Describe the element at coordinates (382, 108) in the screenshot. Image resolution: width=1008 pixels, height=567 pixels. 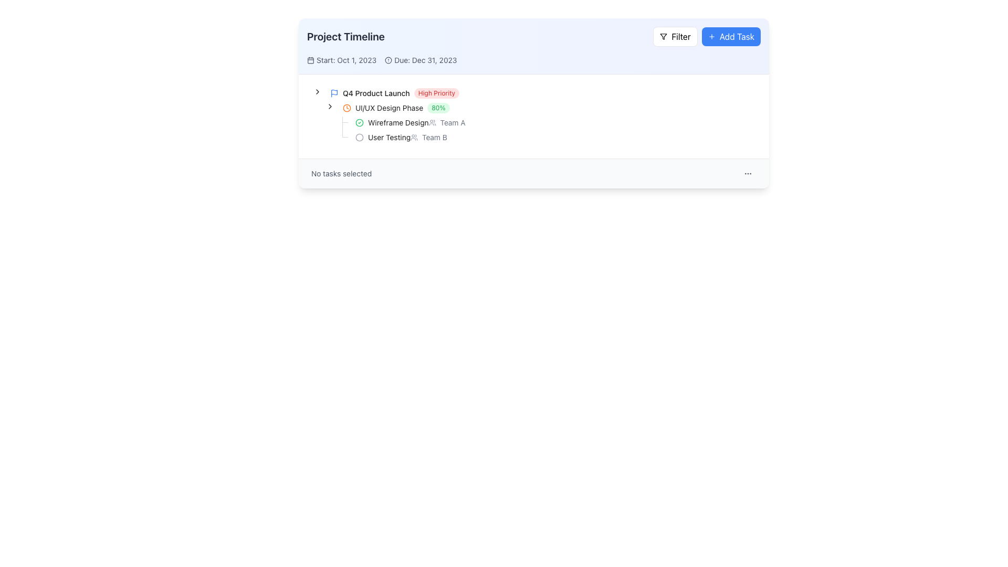
I see `the Tree item labeled 'UI/UX Design Phase' with a progress percentage of '80%'` at that location.